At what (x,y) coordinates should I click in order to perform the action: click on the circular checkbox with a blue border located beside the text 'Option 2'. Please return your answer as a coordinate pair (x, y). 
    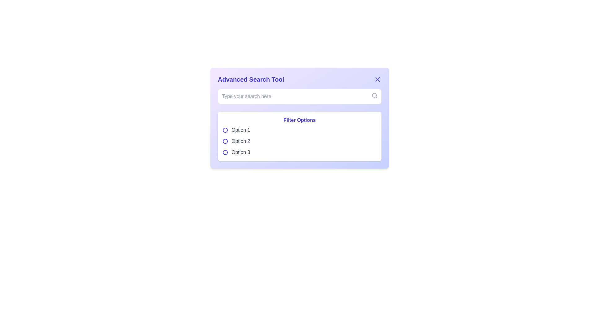
    Looking at the image, I should click on (225, 141).